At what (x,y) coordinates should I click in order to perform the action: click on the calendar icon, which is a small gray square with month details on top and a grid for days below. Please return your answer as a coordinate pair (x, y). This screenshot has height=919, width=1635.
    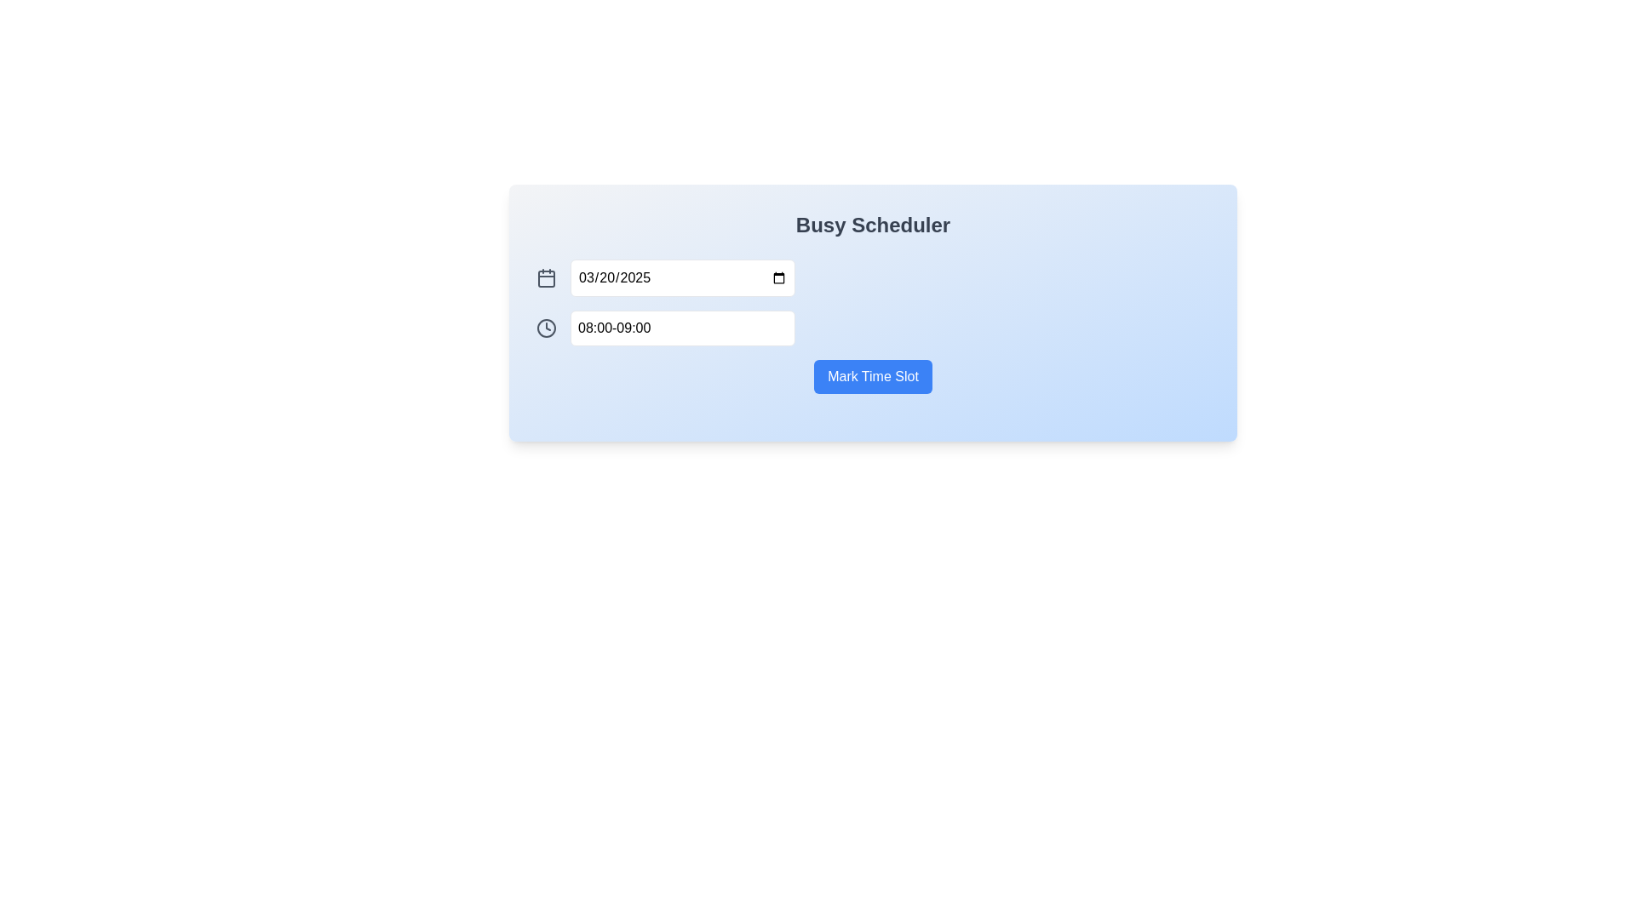
    Looking at the image, I should click on (547, 277).